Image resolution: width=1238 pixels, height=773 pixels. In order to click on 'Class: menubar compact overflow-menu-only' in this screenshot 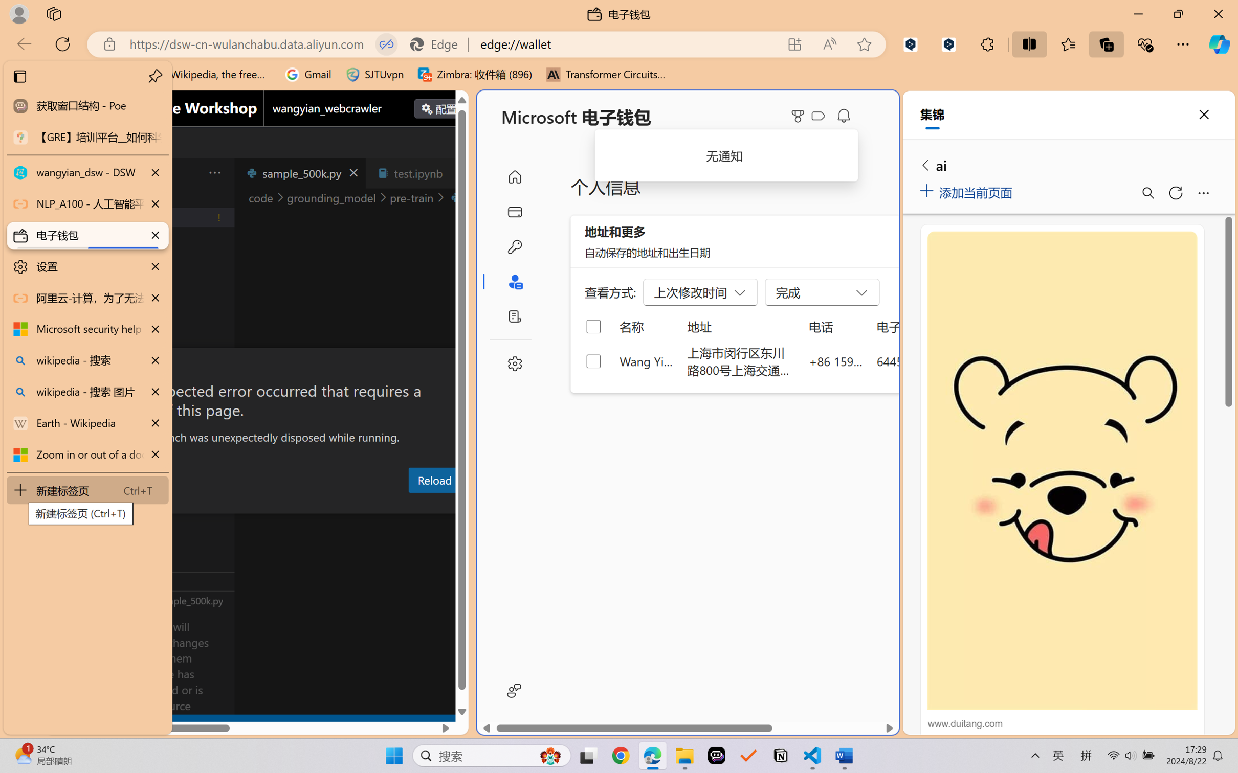, I will do `click(65, 172)`.